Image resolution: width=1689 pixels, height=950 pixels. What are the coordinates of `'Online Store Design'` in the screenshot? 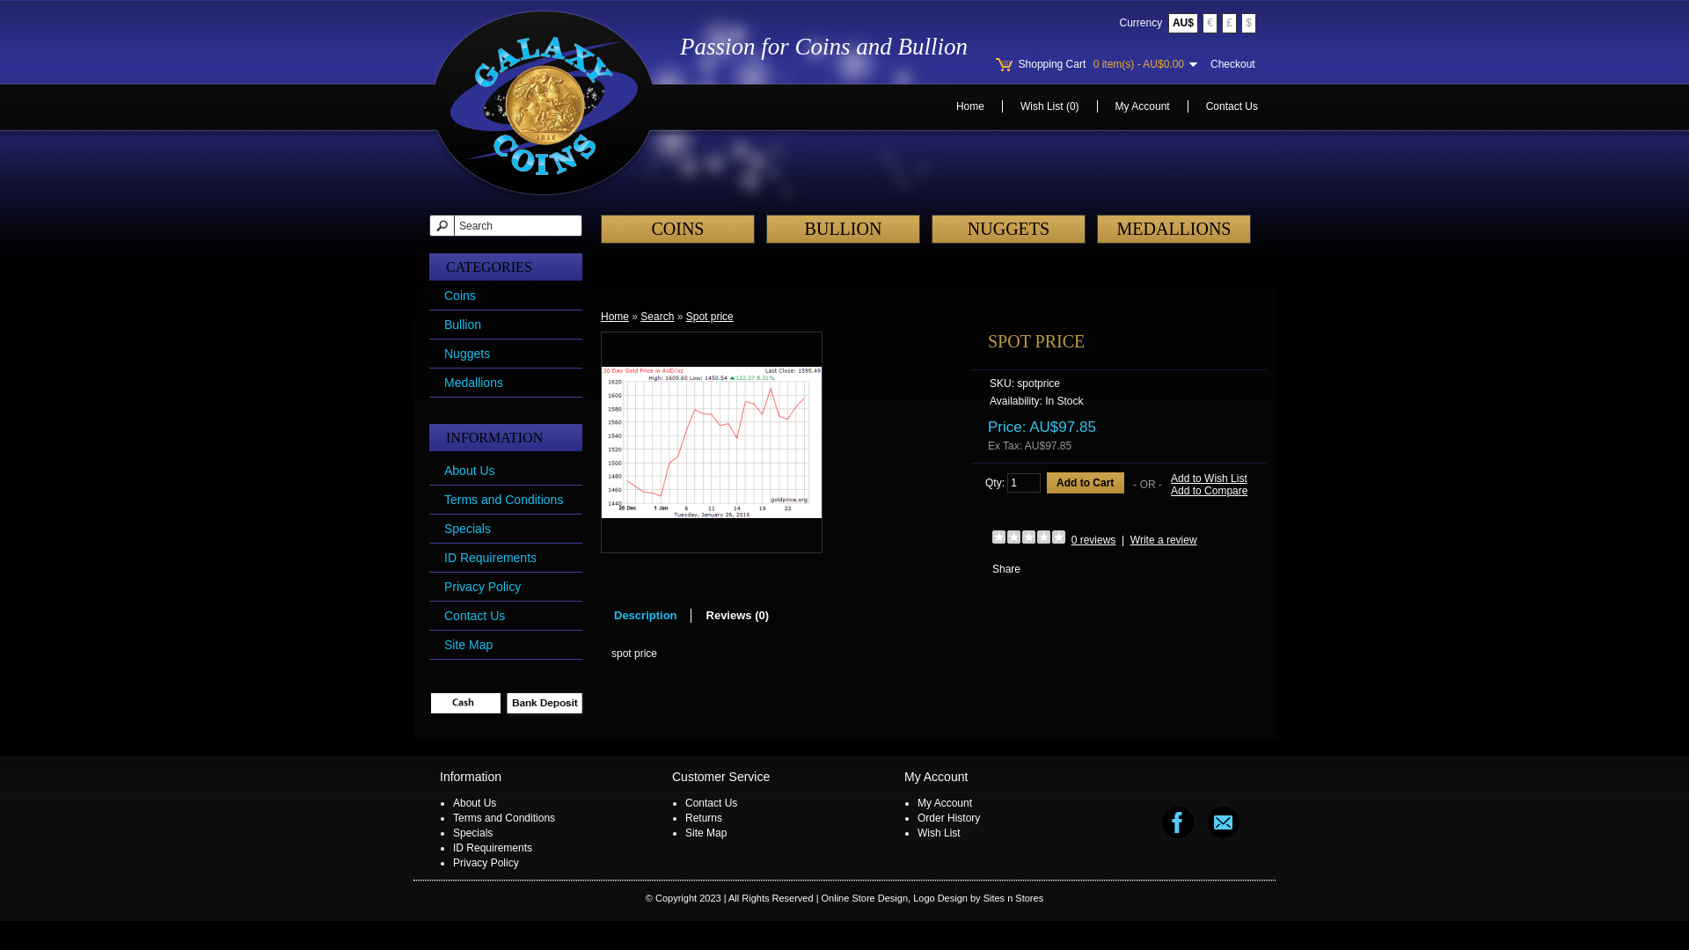 It's located at (865, 898).